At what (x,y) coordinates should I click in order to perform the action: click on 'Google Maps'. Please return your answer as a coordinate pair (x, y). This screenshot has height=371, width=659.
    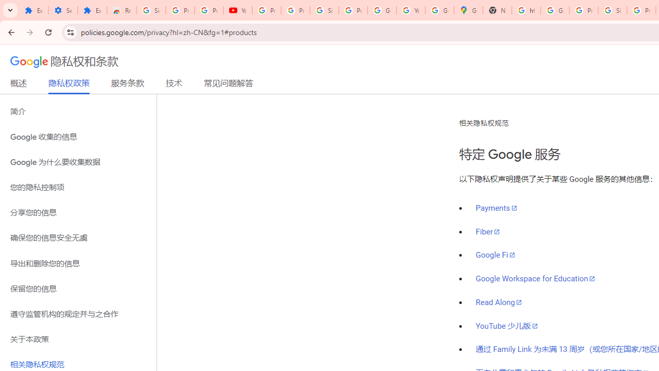
    Looking at the image, I should click on (468, 10).